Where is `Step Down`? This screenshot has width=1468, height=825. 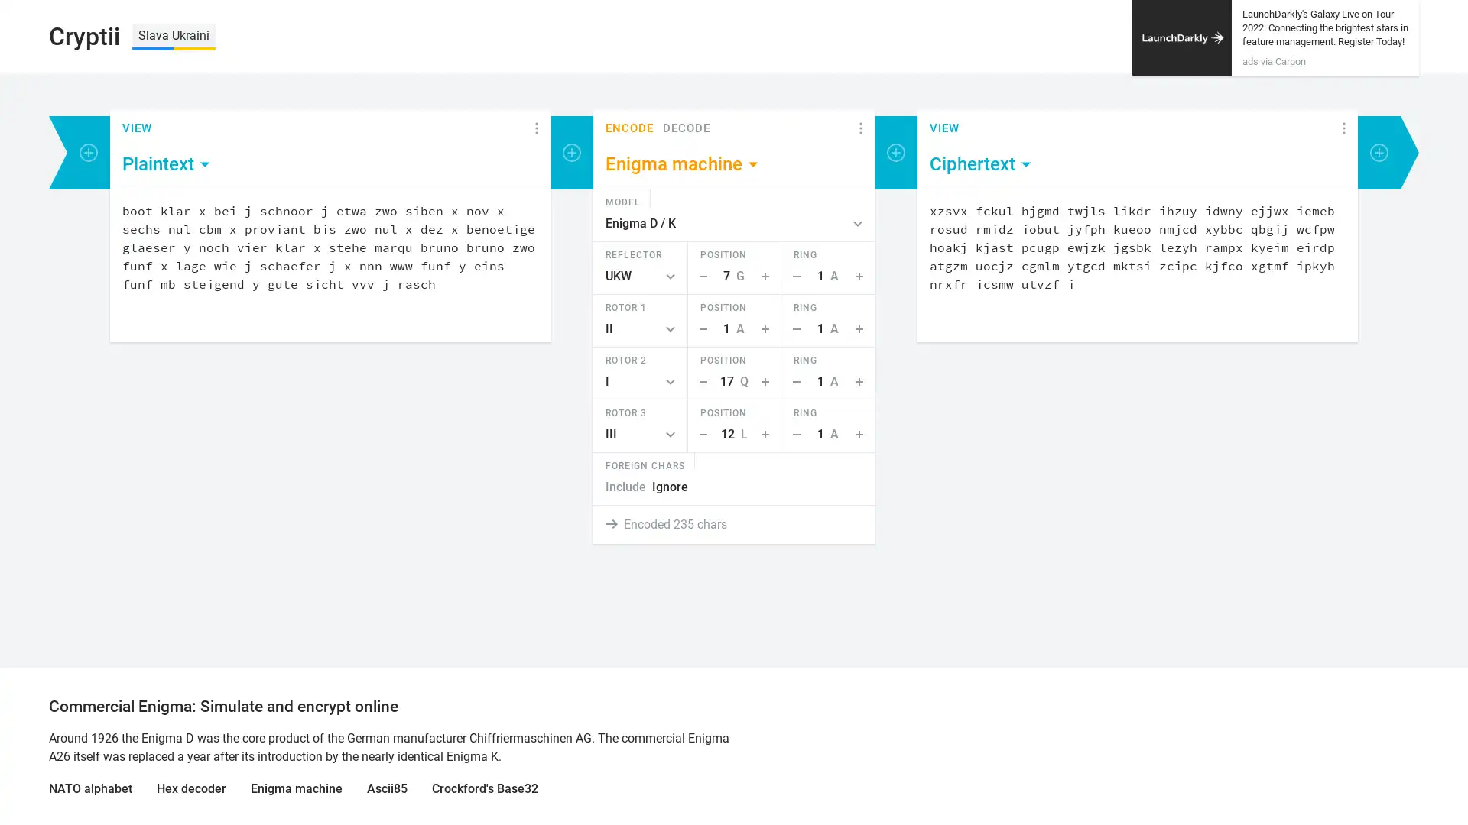
Step Down is located at coordinates (793, 277).